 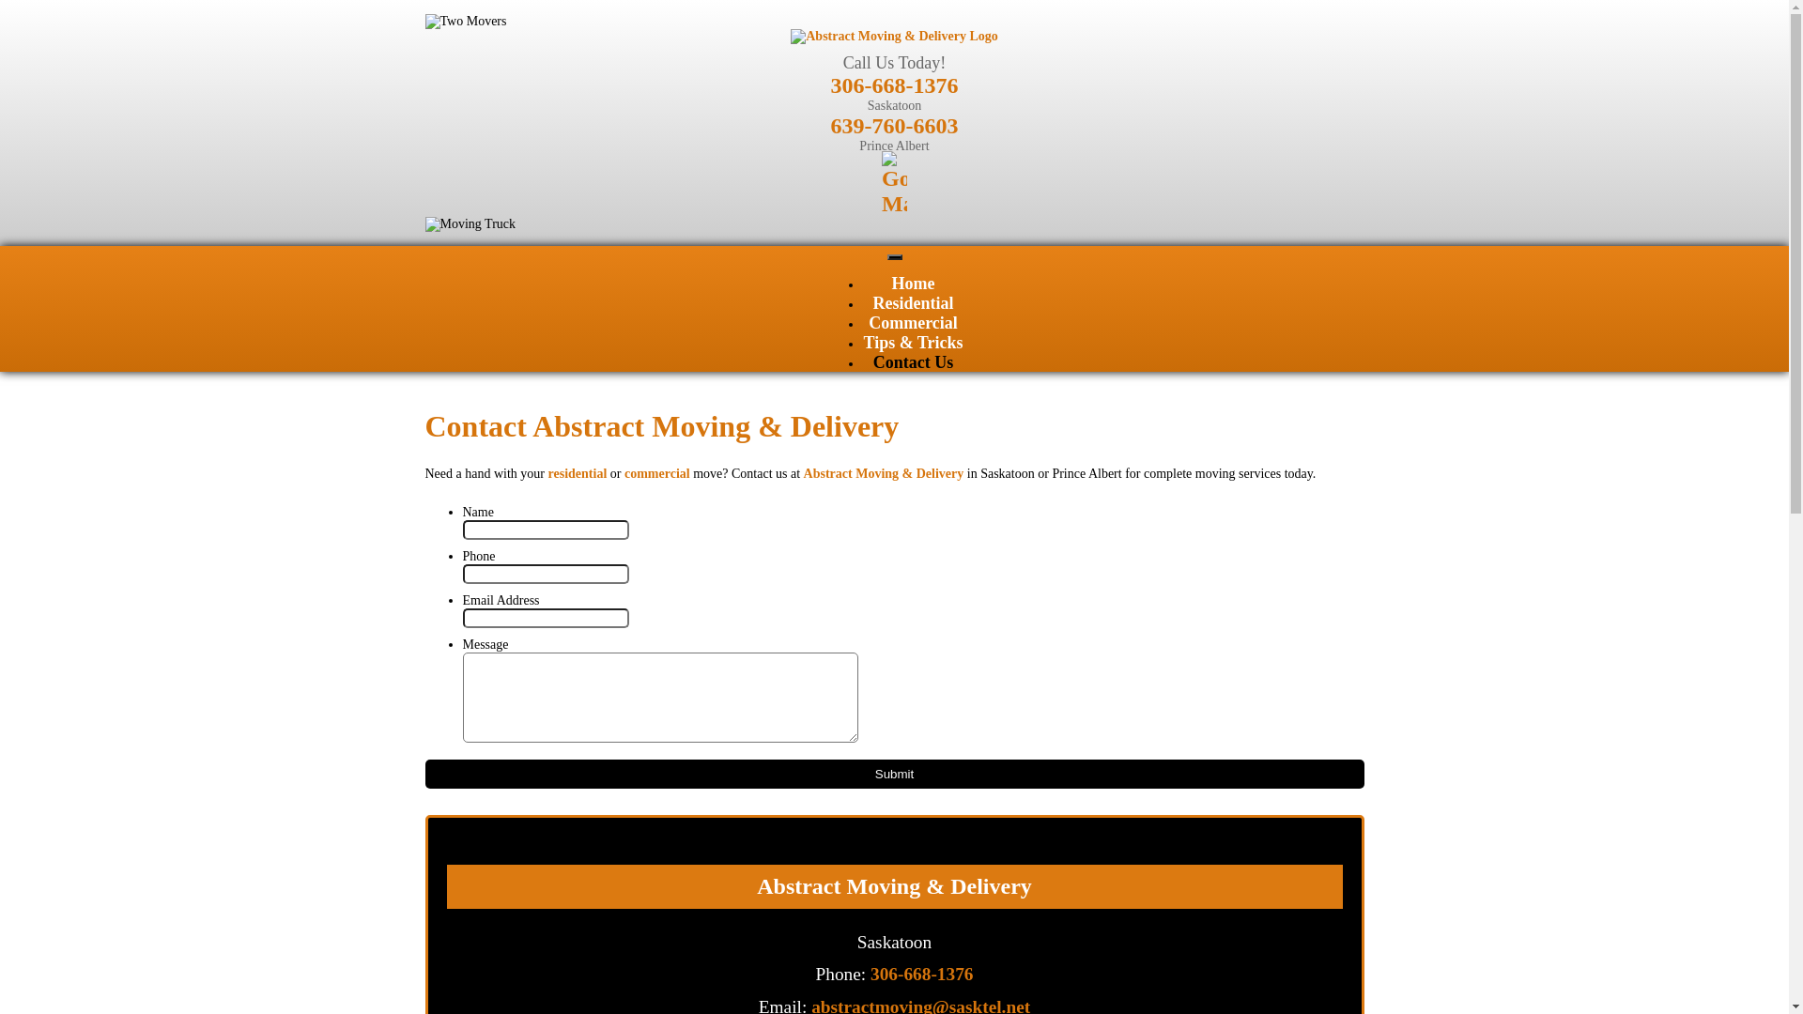 What do you see at coordinates (912, 343) in the screenshot?
I see `'Tips & Tricks'` at bounding box center [912, 343].